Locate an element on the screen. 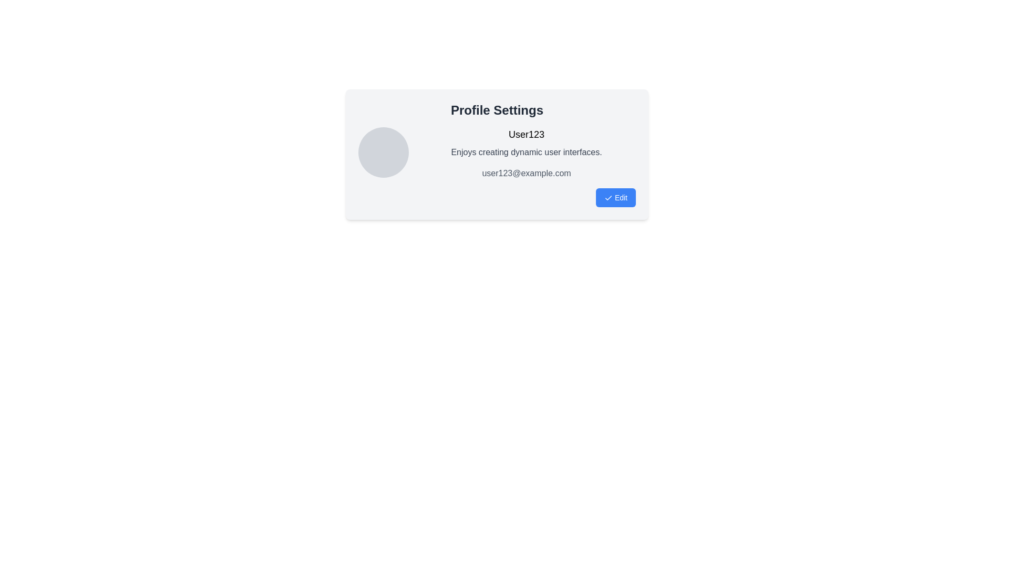  the static design of the checkmark icon located inside the 'Edit' button in the bottom-right corner of the 'Profile Settings' card is located at coordinates (608, 198).